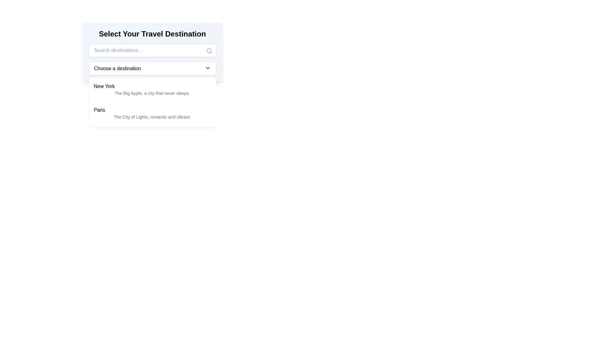 This screenshot has width=599, height=337. I want to click on the description text stating 'The City of Lights, romantic and vibrant.' located under the 'Paris' entry in the dropdown menu, so click(152, 117).